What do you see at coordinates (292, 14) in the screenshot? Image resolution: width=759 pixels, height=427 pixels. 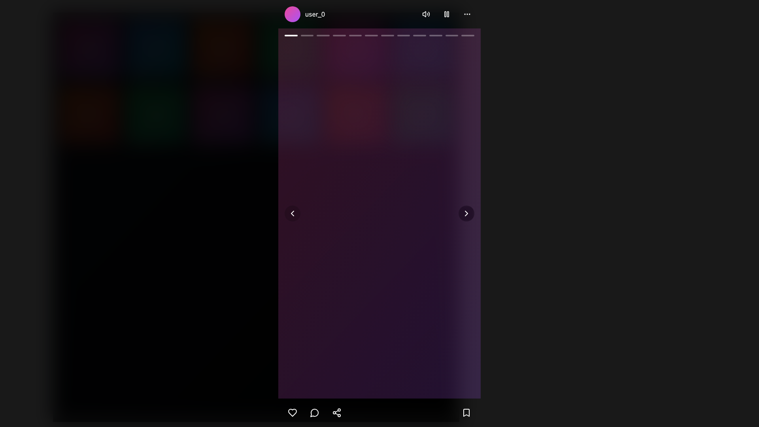 I see `the circular profile picture or avatar element with a gradient color scheme transitioning from pink to purple, located near the username 'user_0'` at bounding box center [292, 14].